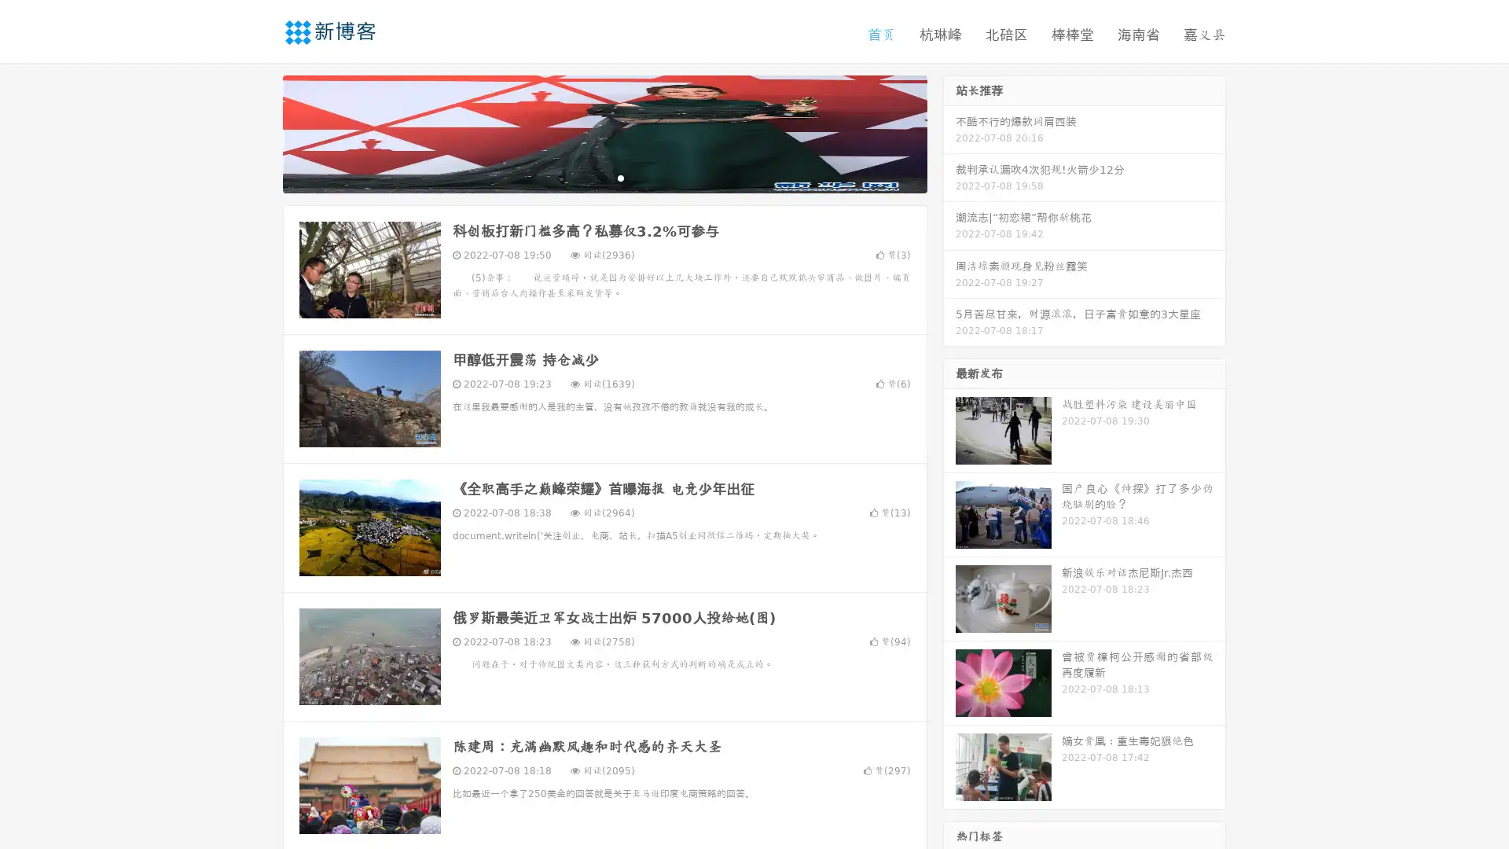 This screenshot has height=849, width=1509. Describe the element at coordinates (259, 132) in the screenshot. I see `Previous slide` at that location.